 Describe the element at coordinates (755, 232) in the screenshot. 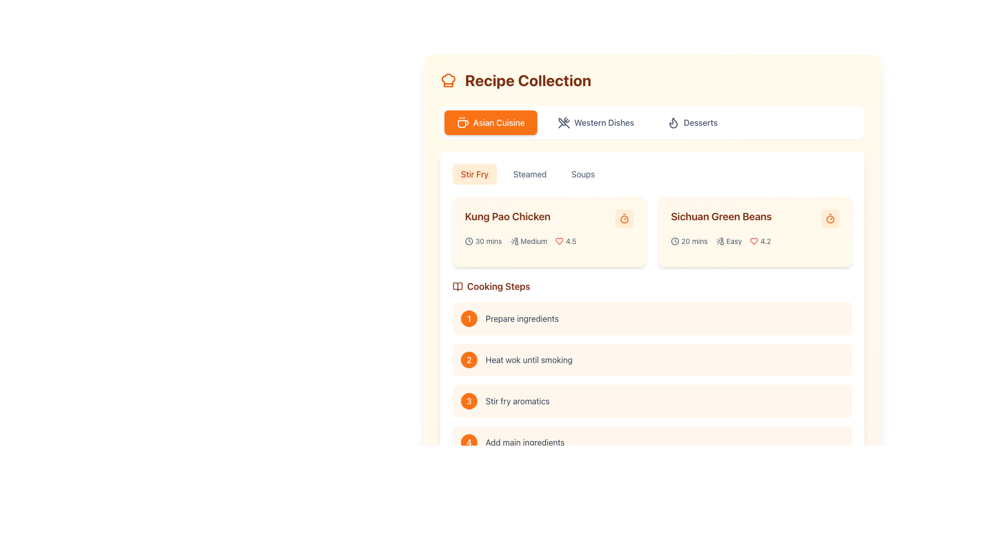

I see `the informational card displaying the recipe 'Sichuan Green Beans', which is the second card in the two-column grid layout under the 'Stir Fry' section` at that location.